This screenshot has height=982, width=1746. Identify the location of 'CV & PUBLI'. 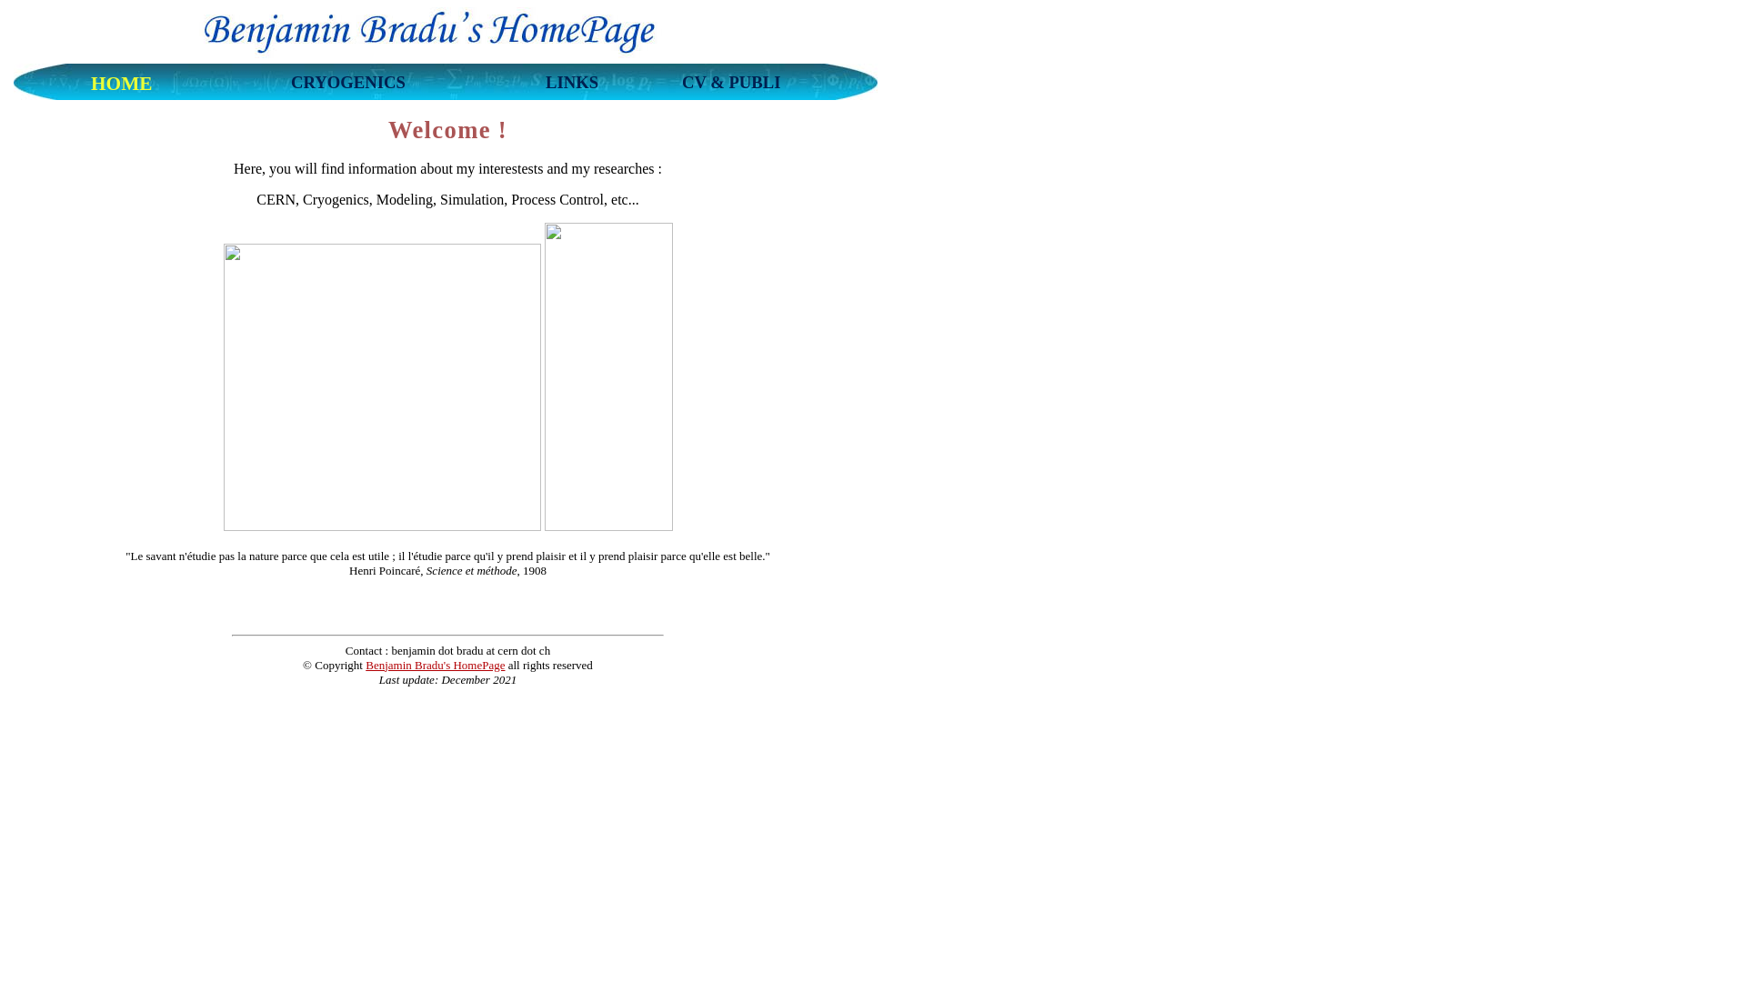
(731, 86).